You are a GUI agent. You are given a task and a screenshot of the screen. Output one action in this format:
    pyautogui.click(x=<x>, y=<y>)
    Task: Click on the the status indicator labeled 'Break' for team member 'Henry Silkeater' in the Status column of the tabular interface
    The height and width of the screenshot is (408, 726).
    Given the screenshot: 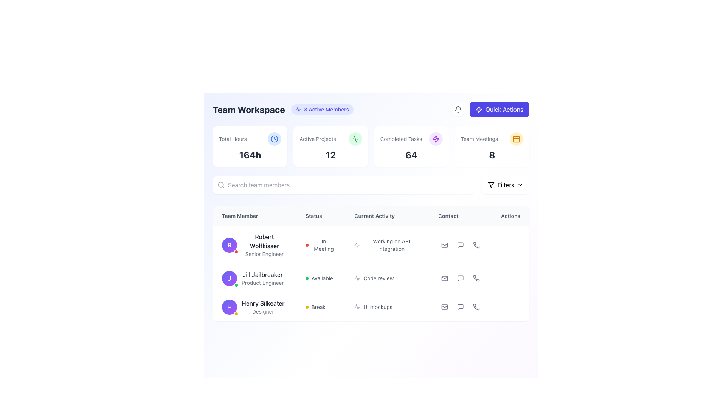 What is the action you would take?
    pyautogui.click(x=321, y=307)
    